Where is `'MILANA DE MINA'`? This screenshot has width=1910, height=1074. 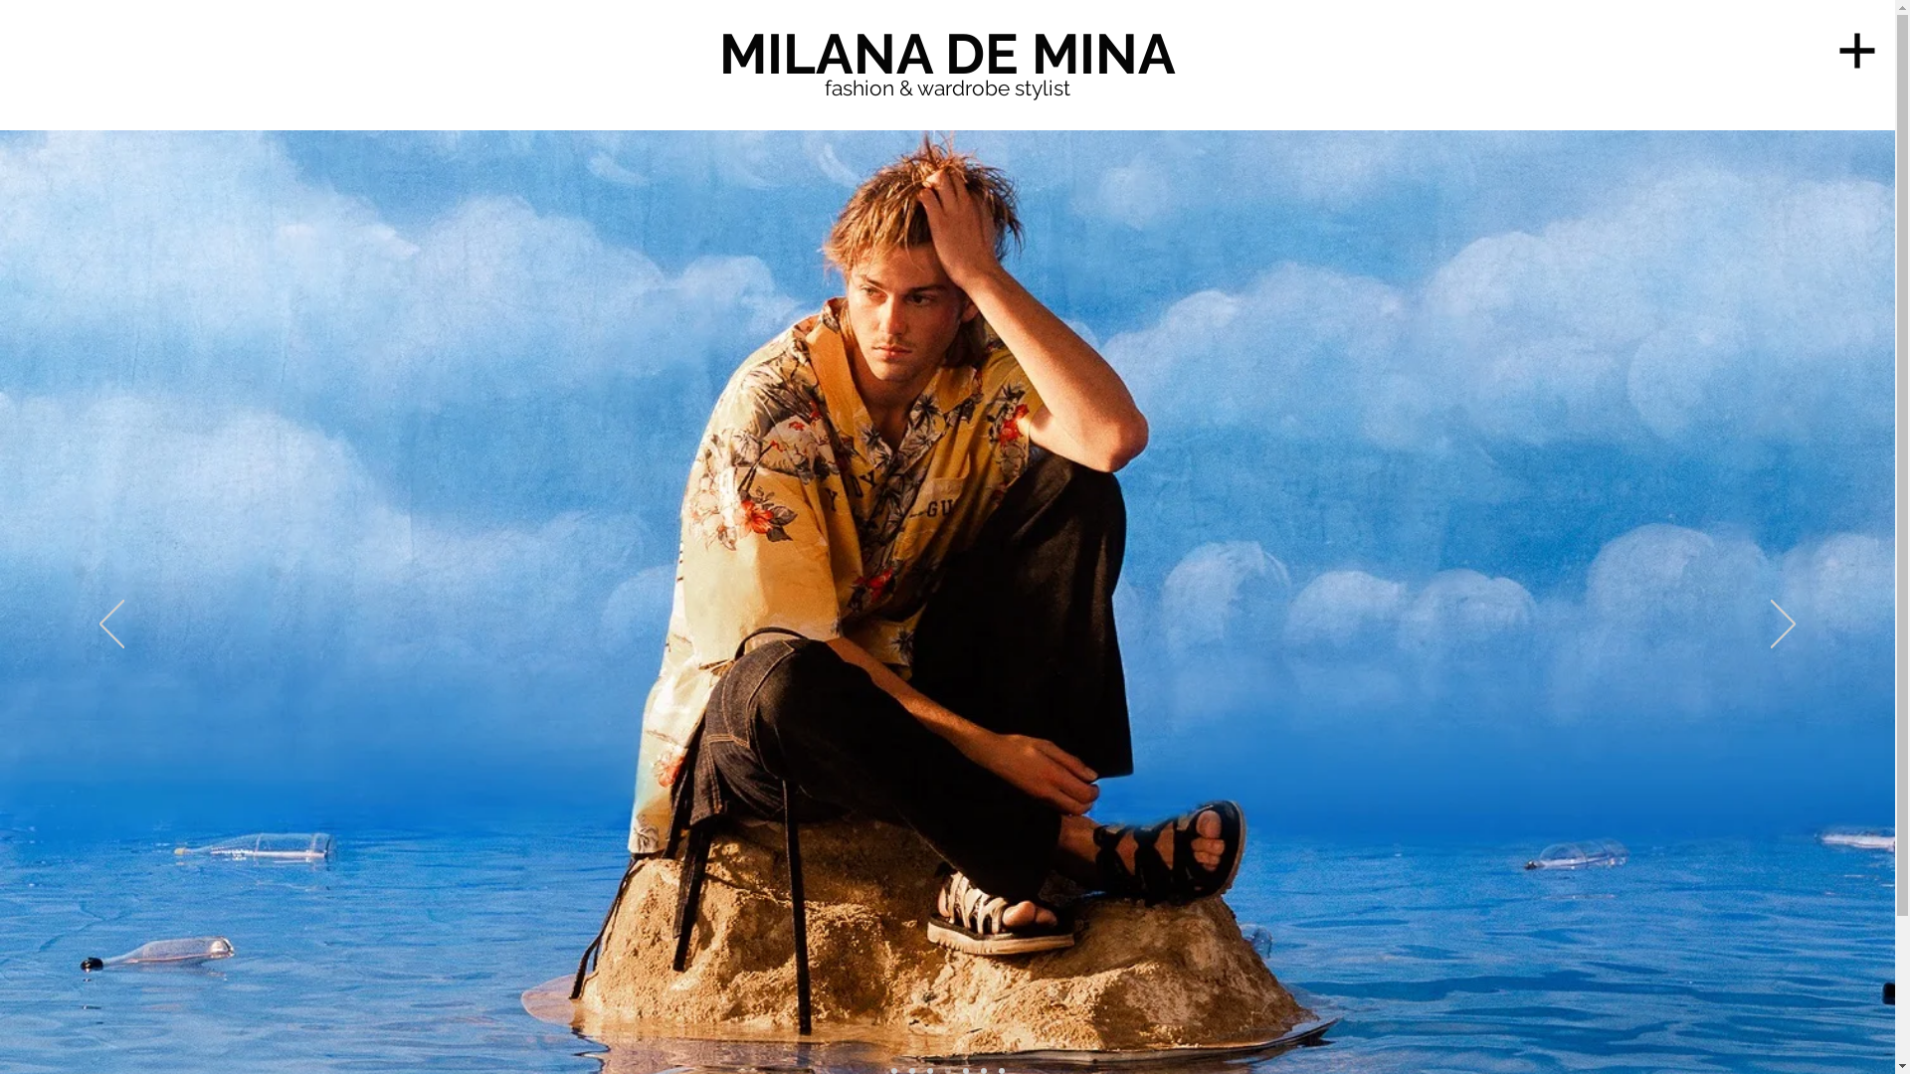
'MILANA DE MINA' is located at coordinates (945, 53).